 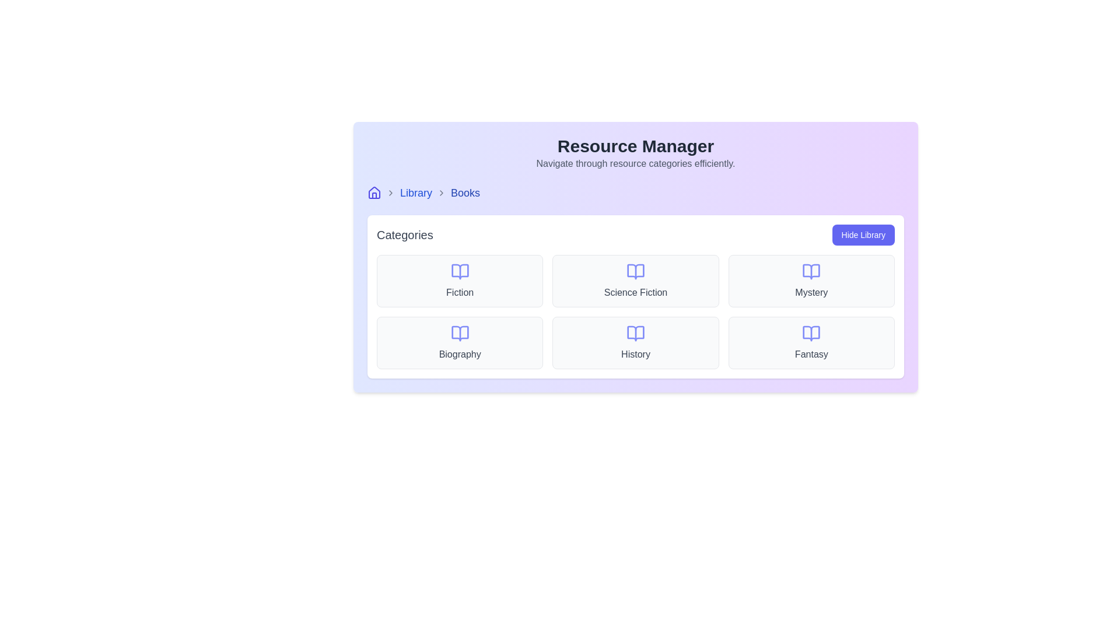 What do you see at coordinates (459, 272) in the screenshot?
I see `the open book icon representing the 'Fiction' category in the top-left cell of the category card grid` at bounding box center [459, 272].